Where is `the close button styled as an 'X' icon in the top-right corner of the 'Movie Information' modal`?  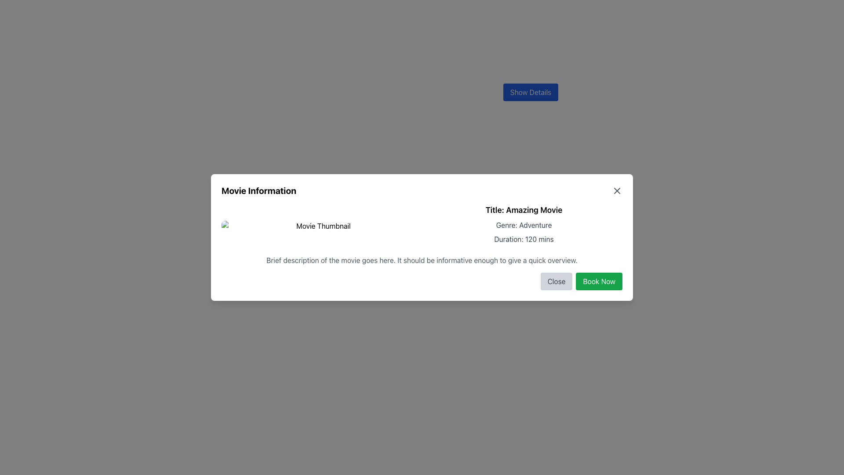 the close button styled as an 'X' icon in the top-right corner of the 'Movie Information' modal is located at coordinates (616, 190).